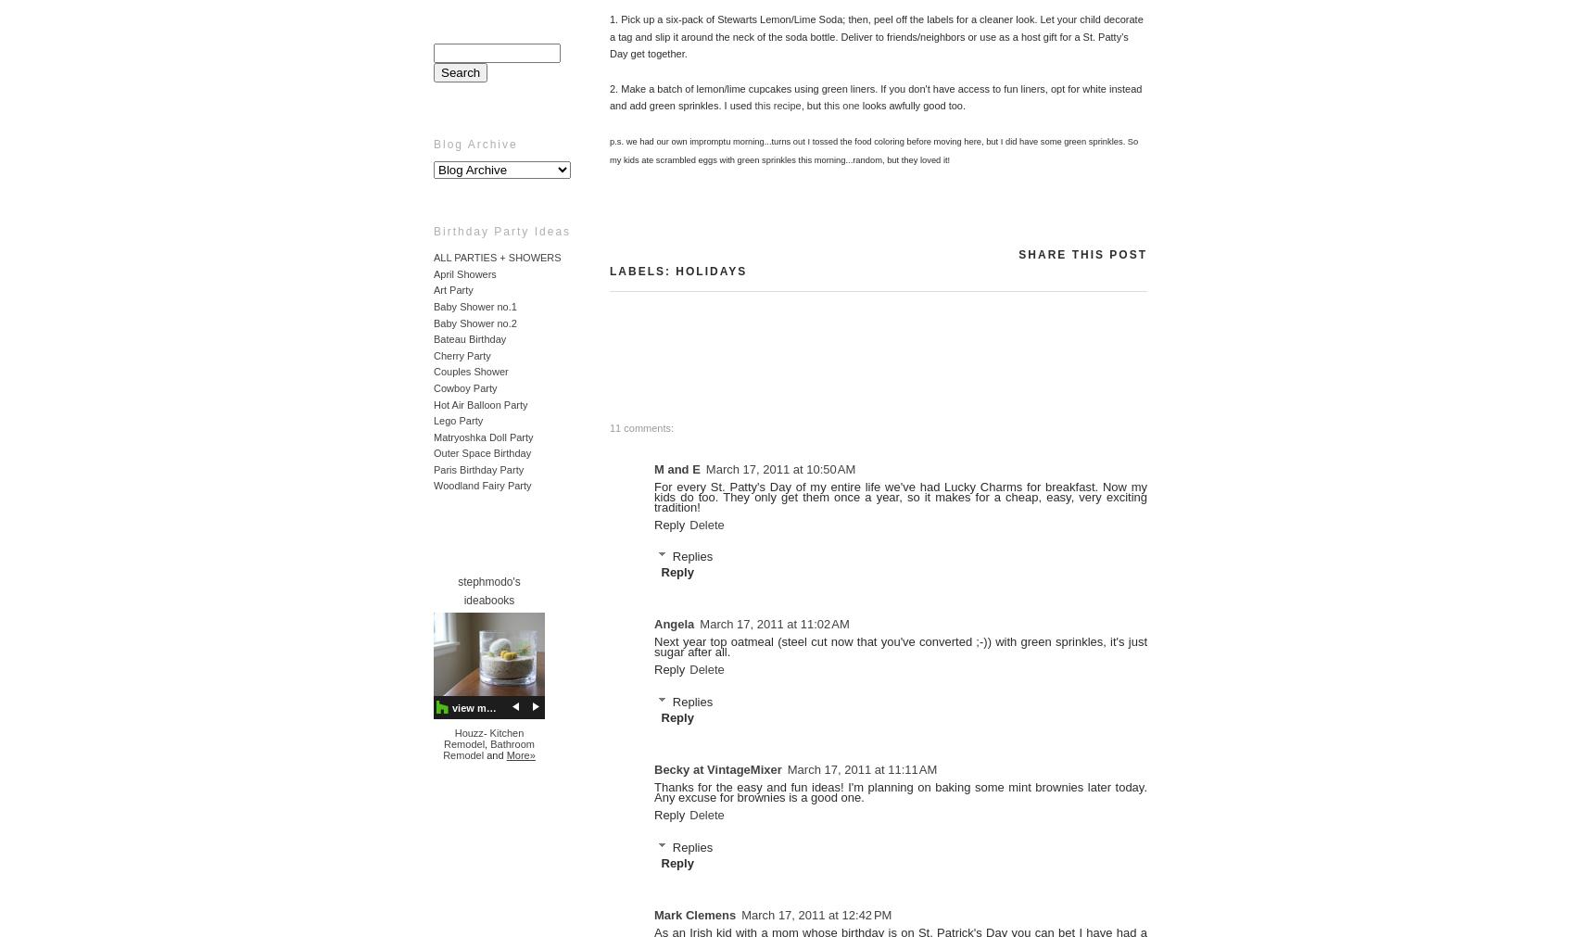 The height and width of the screenshot is (937, 1581). I want to click on 'Birthday Party Ideas', so click(500, 232).